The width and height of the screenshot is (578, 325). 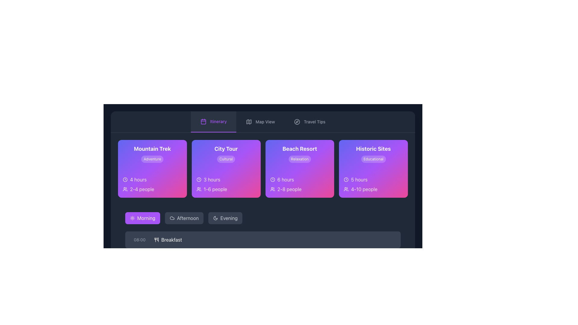 What do you see at coordinates (314, 122) in the screenshot?
I see `the 'Travel Tips' text label in the navigation menu` at bounding box center [314, 122].